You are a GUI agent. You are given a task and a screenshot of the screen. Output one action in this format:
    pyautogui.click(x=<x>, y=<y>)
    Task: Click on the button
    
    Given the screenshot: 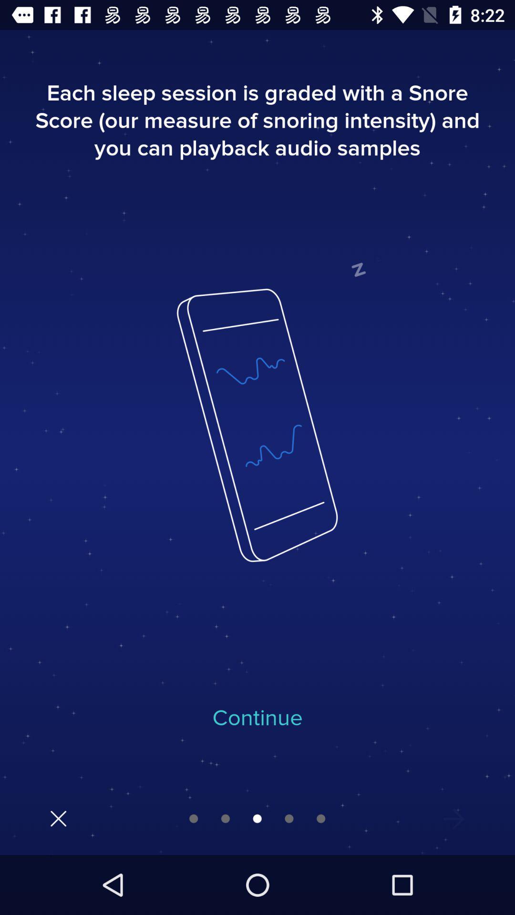 What is the action you would take?
    pyautogui.click(x=58, y=818)
    